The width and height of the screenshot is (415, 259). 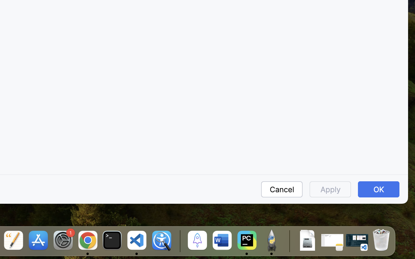 I want to click on '0.4285714328289032', so click(x=179, y=241).